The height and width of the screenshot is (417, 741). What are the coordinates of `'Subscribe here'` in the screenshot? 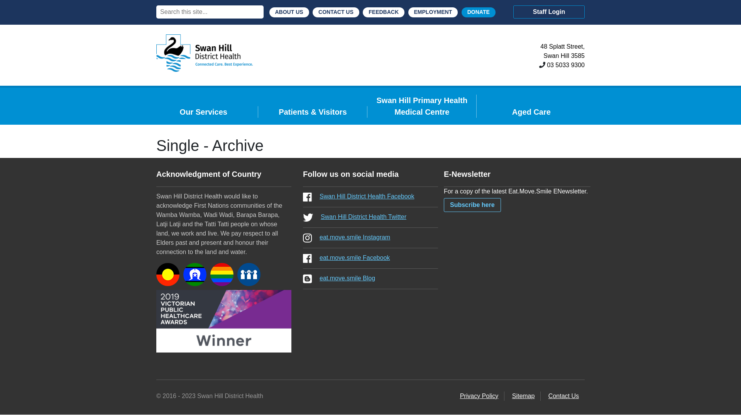 It's located at (472, 205).